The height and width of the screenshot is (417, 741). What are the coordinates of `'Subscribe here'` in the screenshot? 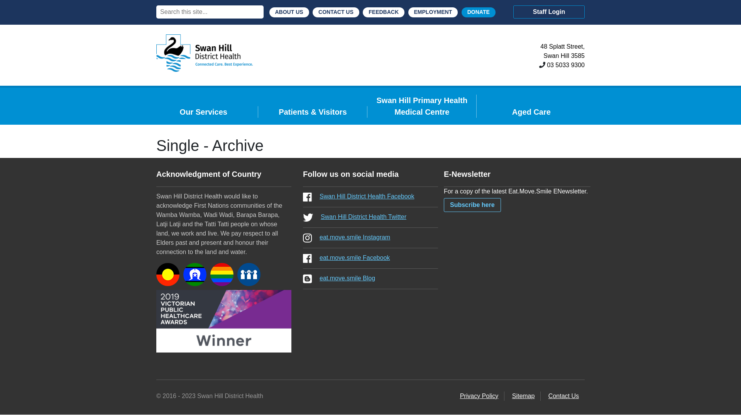 It's located at (472, 205).